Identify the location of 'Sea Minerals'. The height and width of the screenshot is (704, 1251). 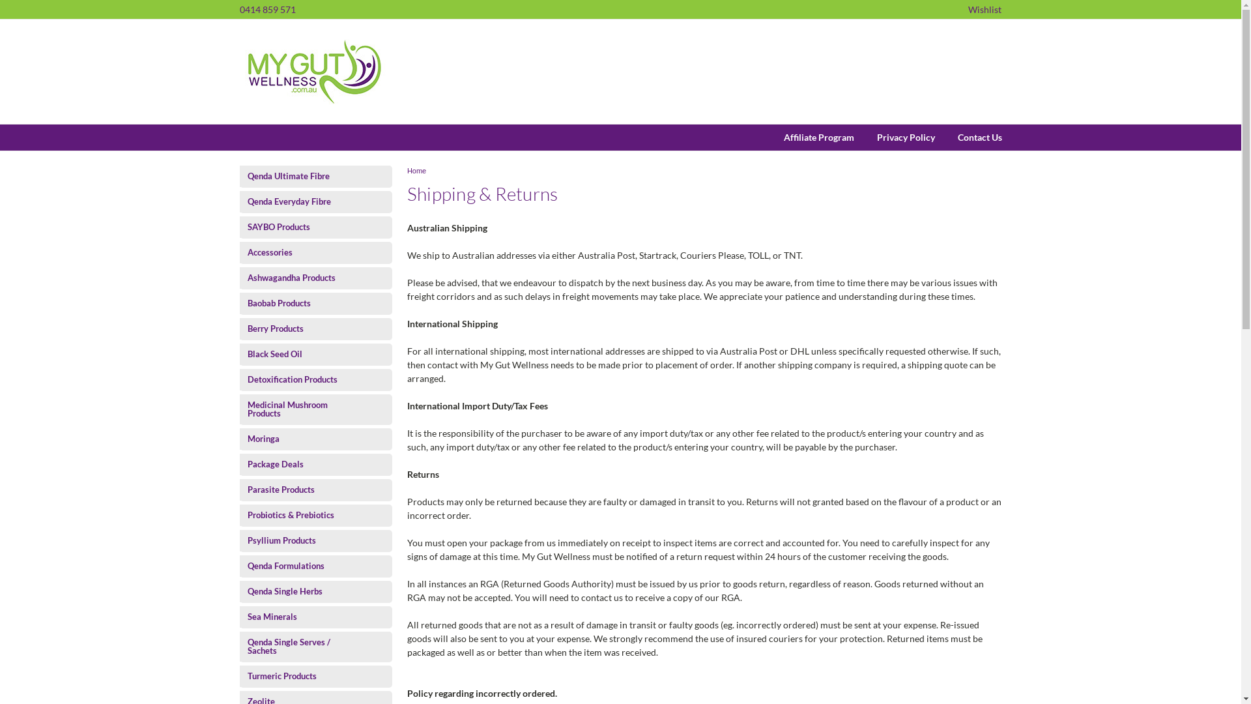
(304, 616).